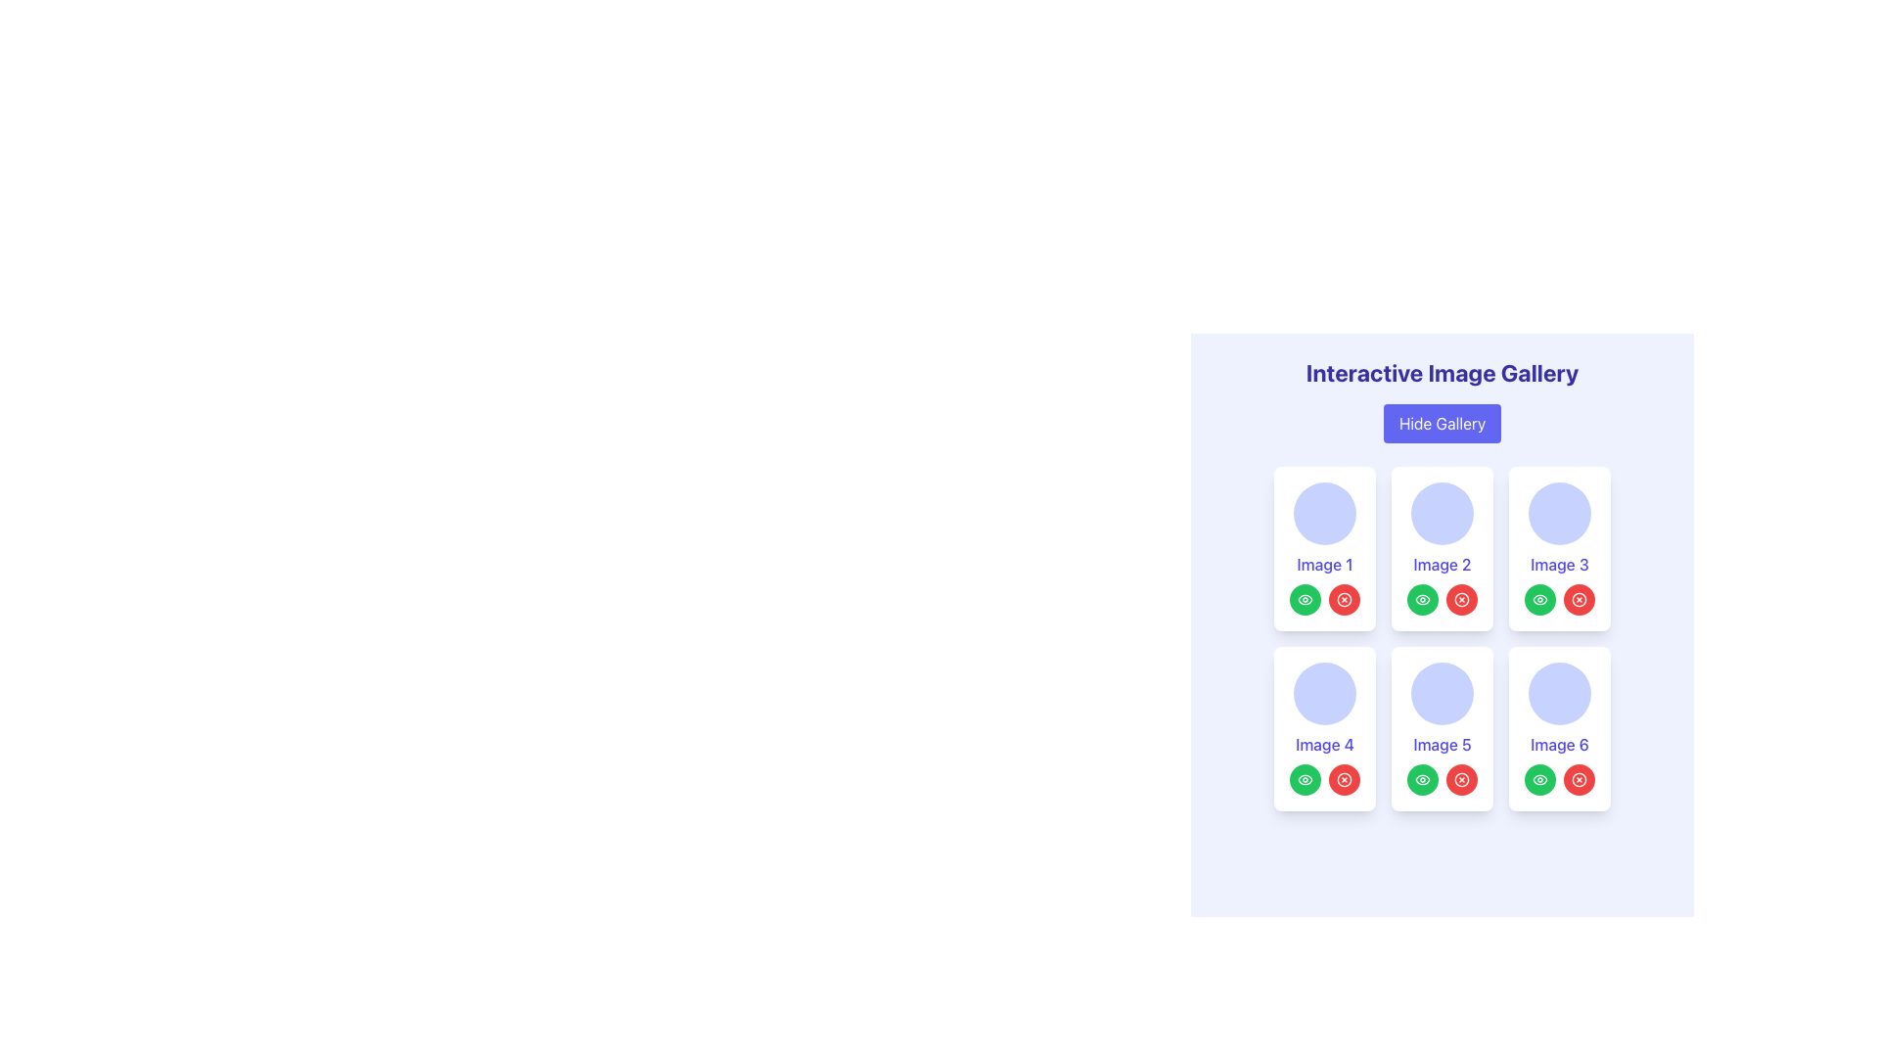 The width and height of the screenshot is (1879, 1057). I want to click on the first button under 'Image 4' in the 3x2 grid layout to visualize hover effects, so click(1306, 779).